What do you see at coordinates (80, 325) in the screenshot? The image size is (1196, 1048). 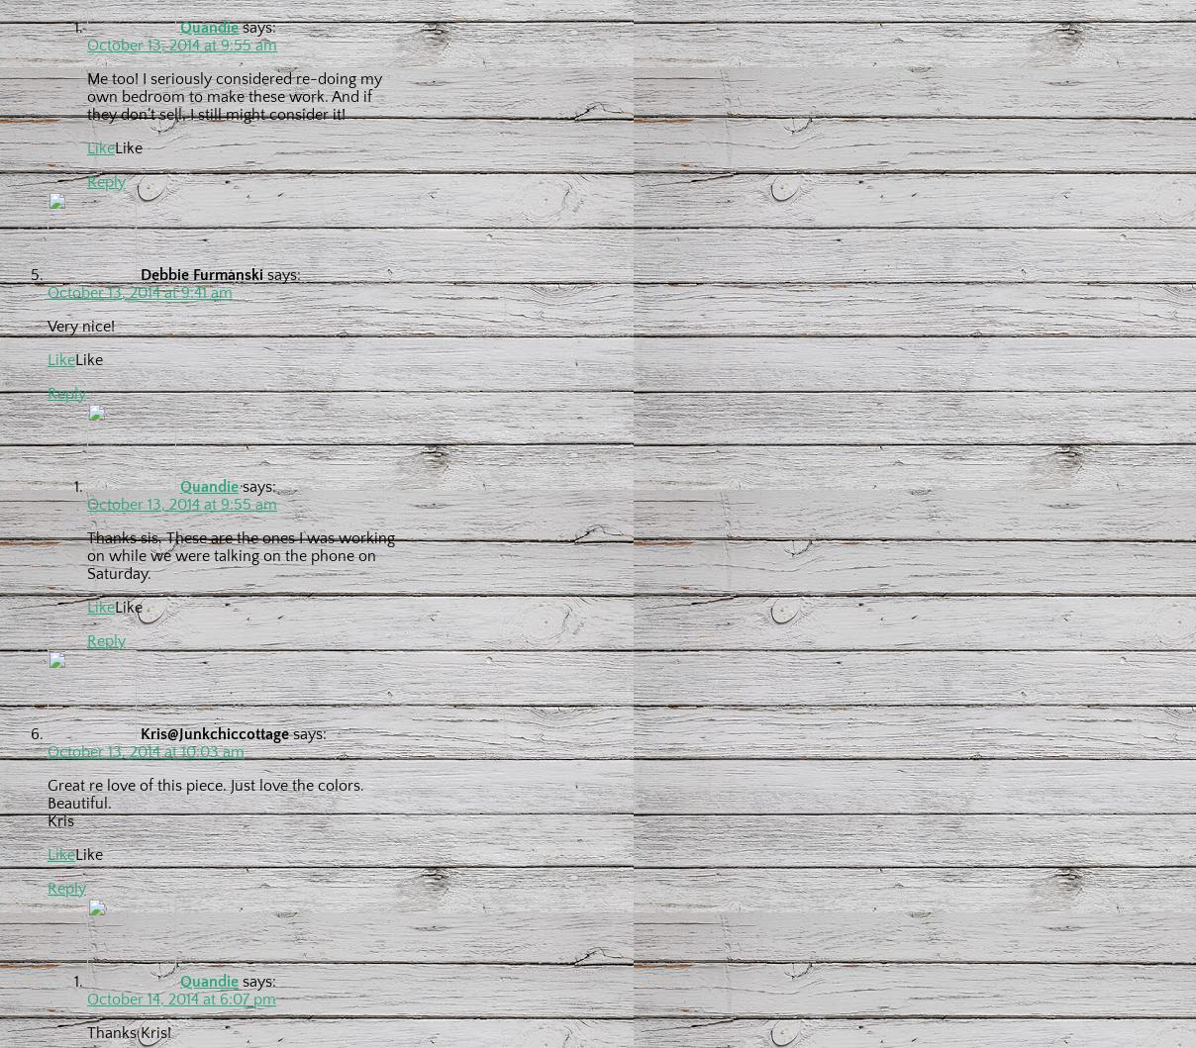 I see `'Very nice!'` at bounding box center [80, 325].